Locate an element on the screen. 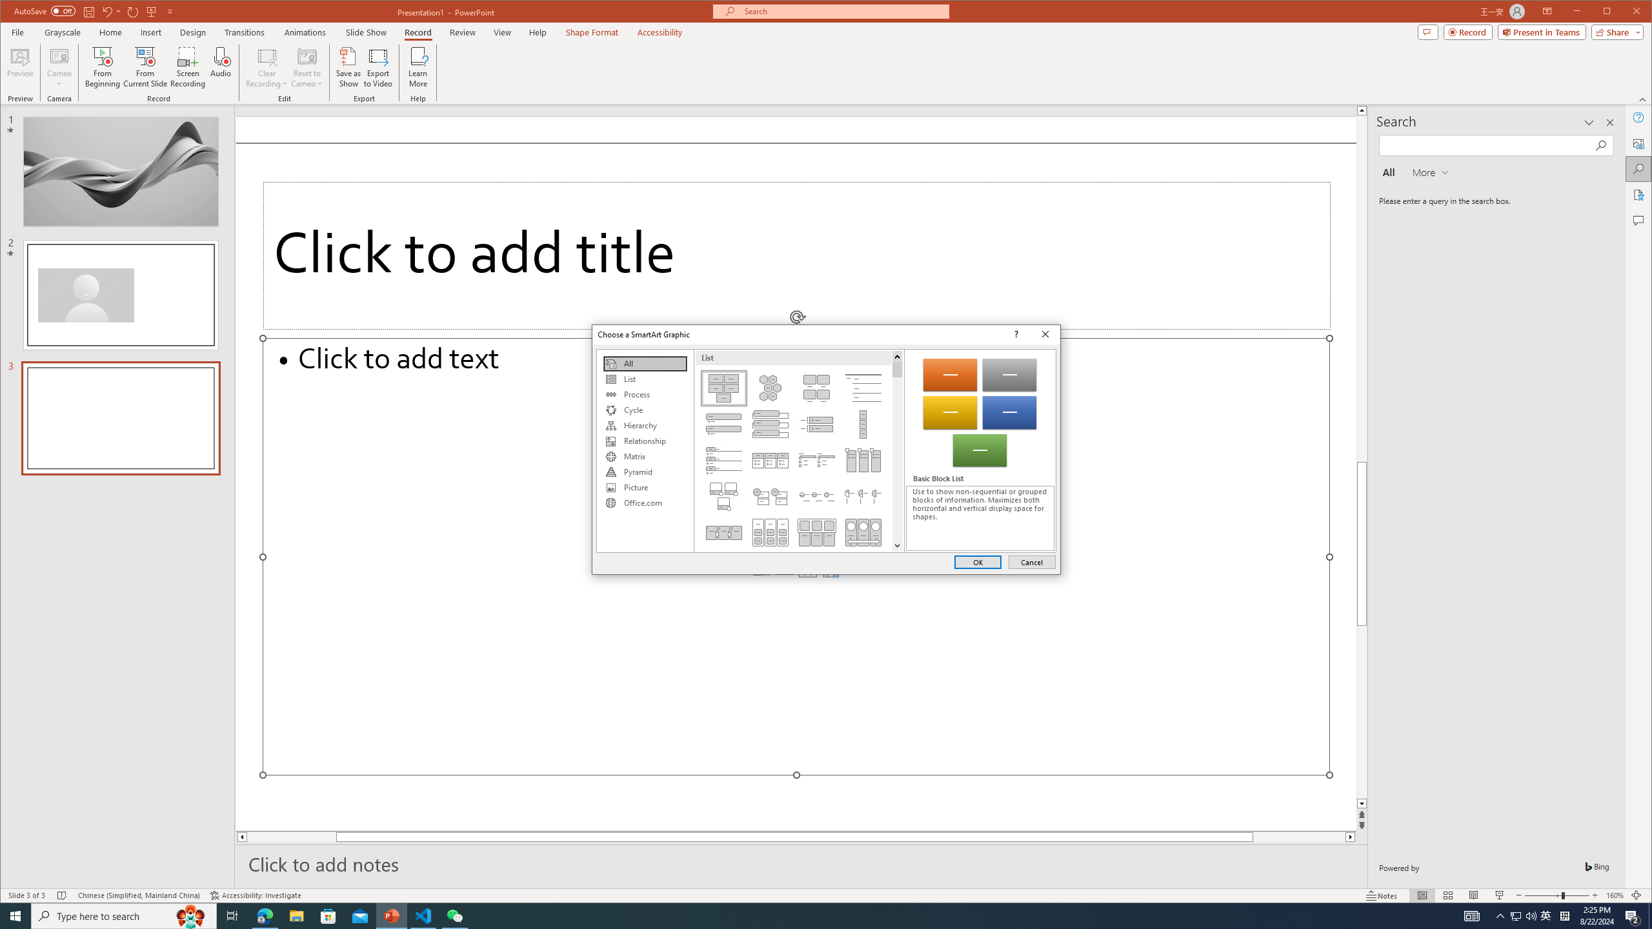 The height and width of the screenshot is (929, 1652). 'Action Center, 2 new notifications' is located at coordinates (1633, 915).